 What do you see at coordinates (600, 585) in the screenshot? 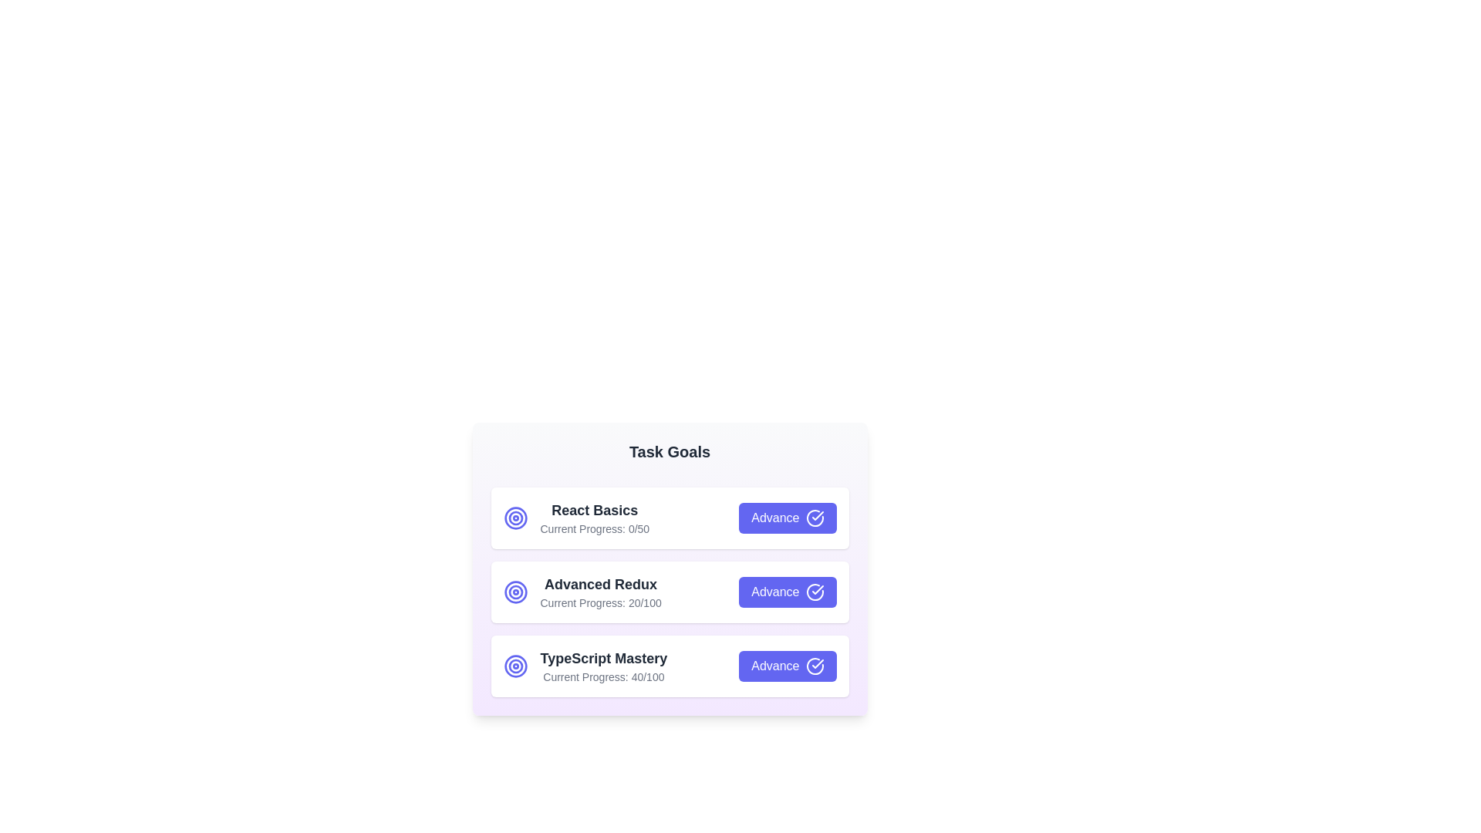
I see `the title text element that serves as a label for the task item, located in the 'Task Goals' section, positioned above 'Current Progress: 20/100' and below 'React Basics'` at bounding box center [600, 585].